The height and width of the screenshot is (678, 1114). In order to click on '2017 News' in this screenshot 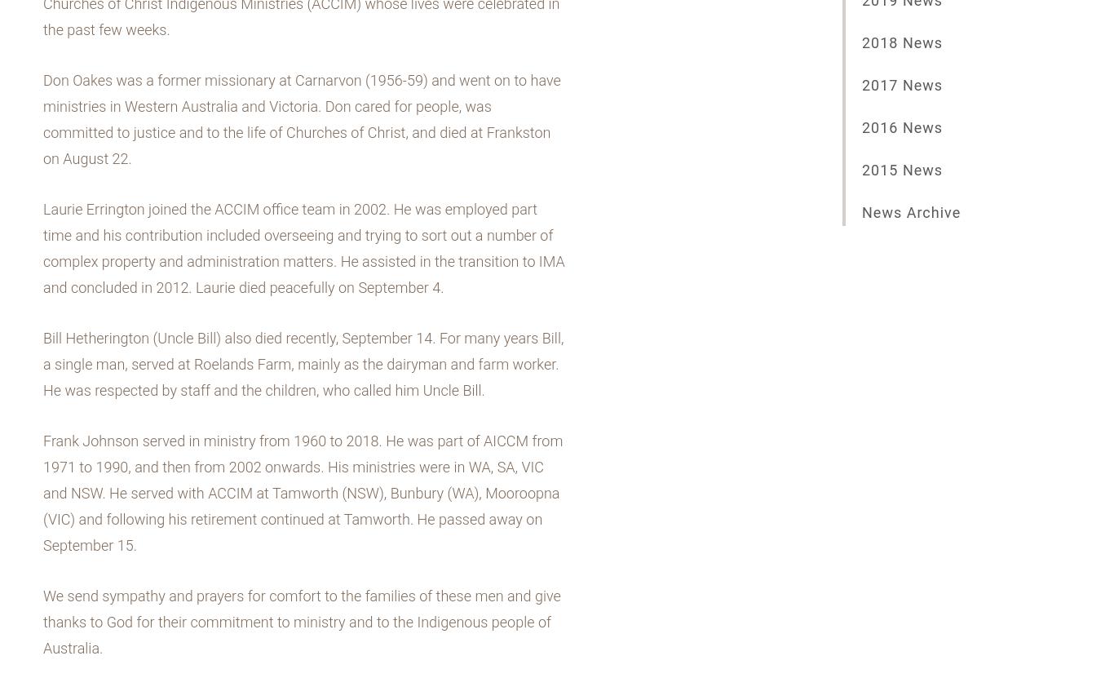, I will do `click(901, 85)`.